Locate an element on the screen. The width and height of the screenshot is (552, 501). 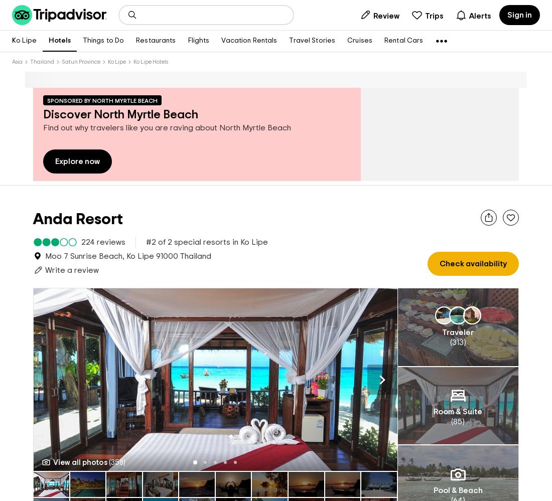
'Traveler' is located at coordinates (458, 315).